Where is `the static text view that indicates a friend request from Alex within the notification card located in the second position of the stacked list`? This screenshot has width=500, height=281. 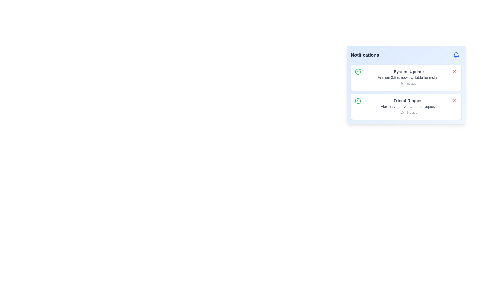
the static text view that indicates a friend request from Alex within the notification card located in the second position of the stacked list is located at coordinates (408, 106).